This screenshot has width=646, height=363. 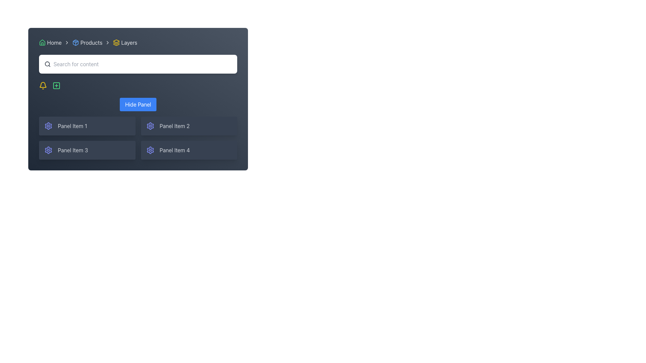 I want to click on the static text label 'Panel Item 2' which is styled in faint gray and located within a dark rectangular panel with rounded corners, so click(x=175, y=126).